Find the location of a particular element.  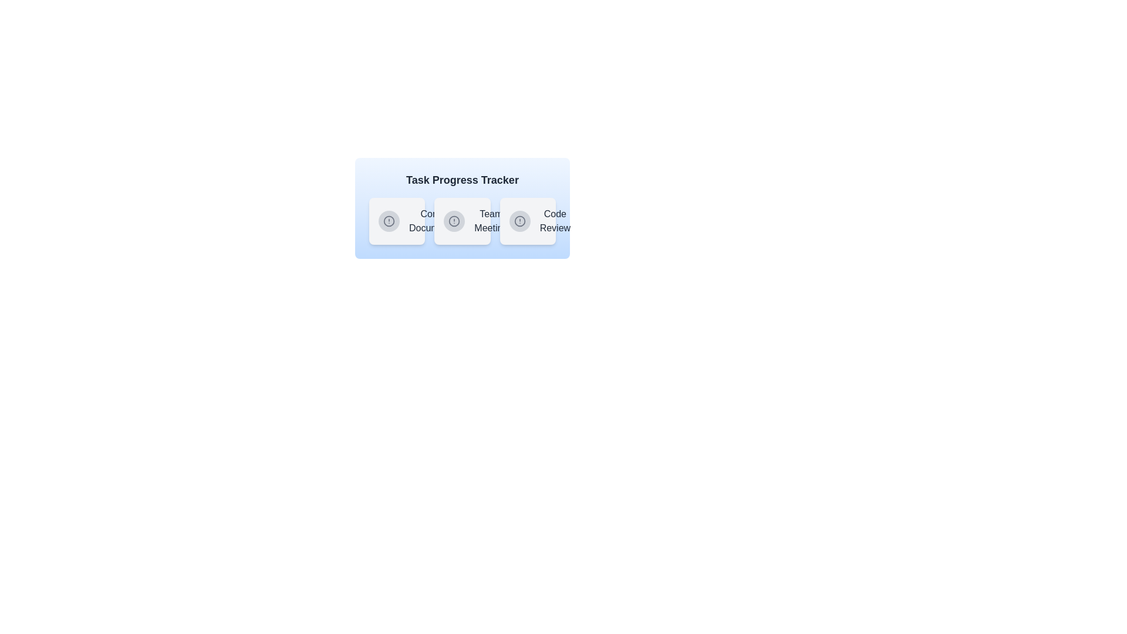

the task chip labeled Team Meeting to toggle its completion state is located at coordinates (461, 221).